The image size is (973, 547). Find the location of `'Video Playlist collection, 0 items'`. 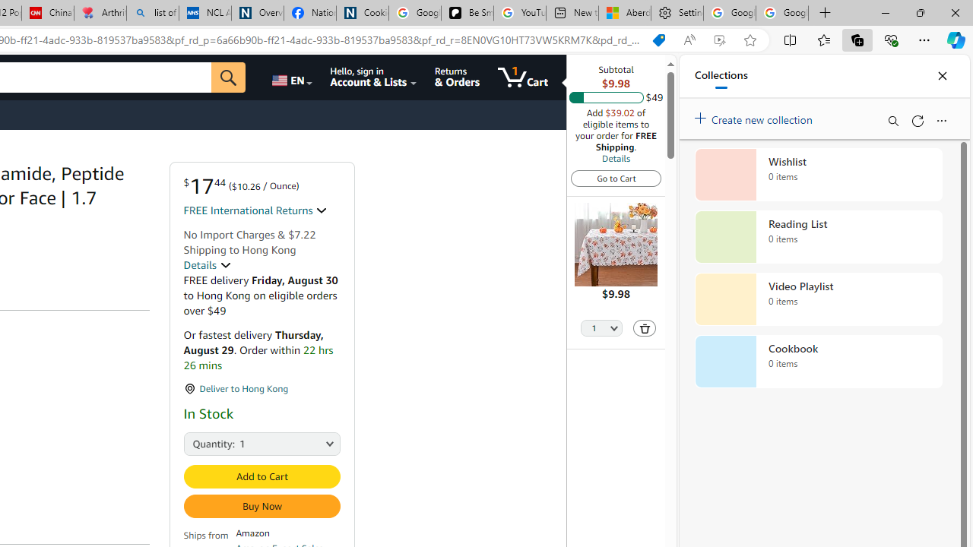

'Video Playlist collection, 0 items' is located at coordinates (818, 299).